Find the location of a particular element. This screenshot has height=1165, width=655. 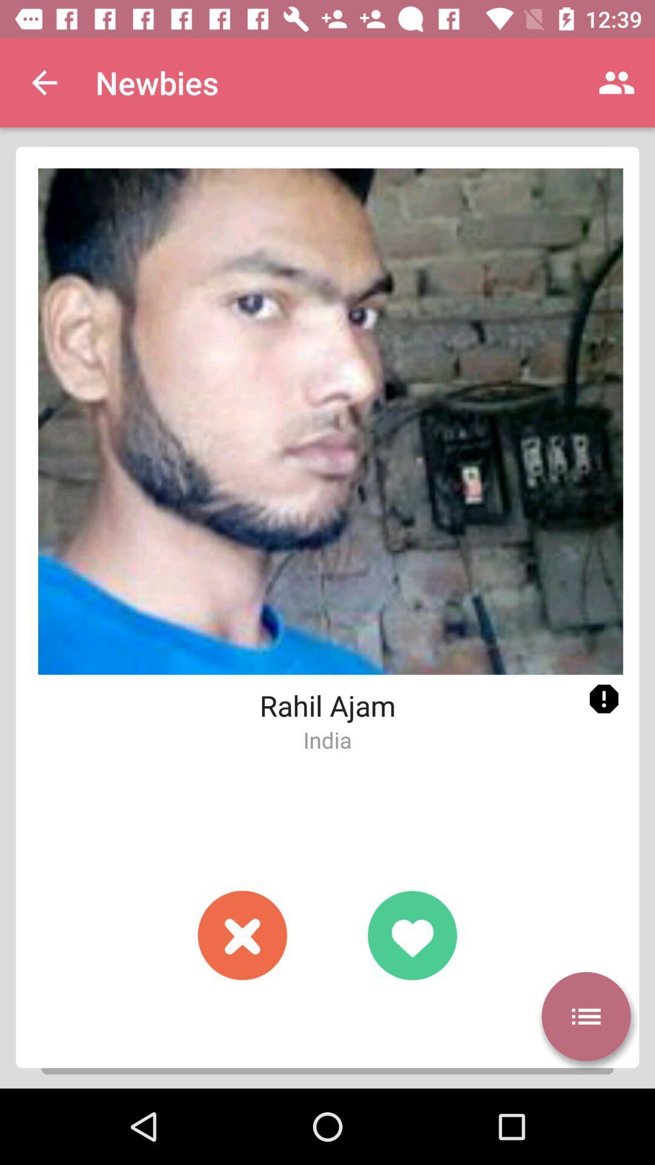

give a like is located at coordinates (411, 934).